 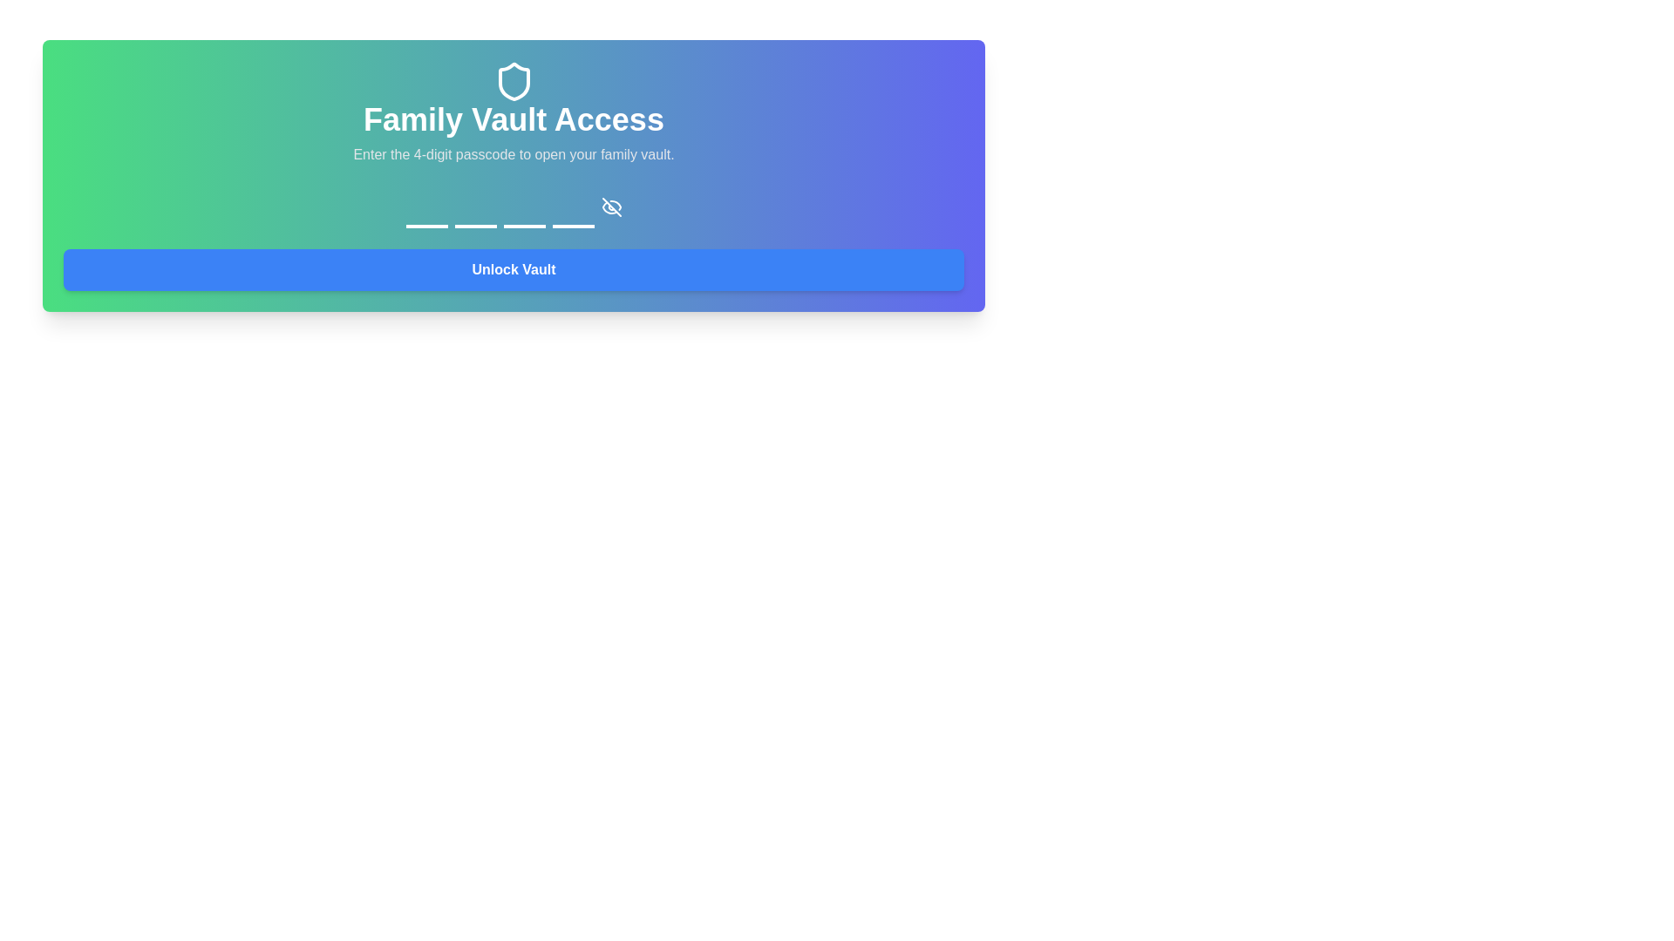 What do you see at coordinates (611, 206) in the screenshot?
I see `the icon button that toggles the visibility of the entered passcode, located to the right of the four input fields for passcode entry` at bounding box center [611, 206].